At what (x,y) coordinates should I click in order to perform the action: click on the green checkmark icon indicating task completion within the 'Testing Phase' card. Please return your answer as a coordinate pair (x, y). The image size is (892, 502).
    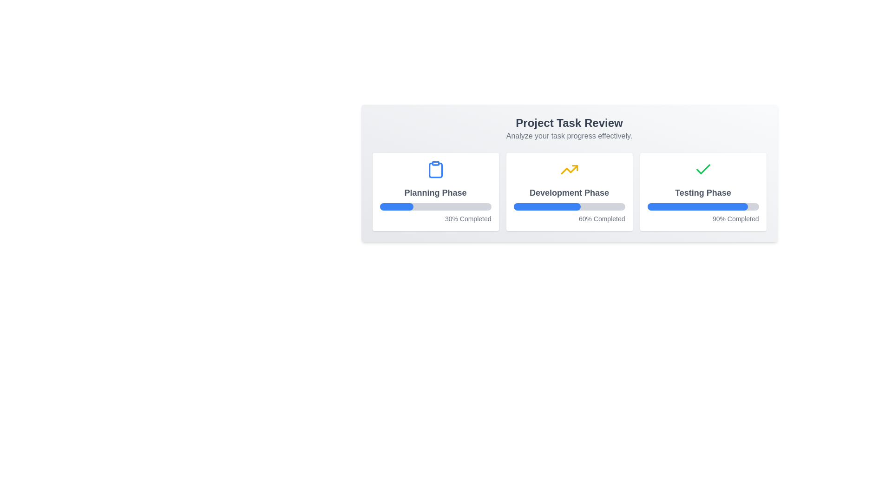
    Looking at the image, I should click on (703, 170).